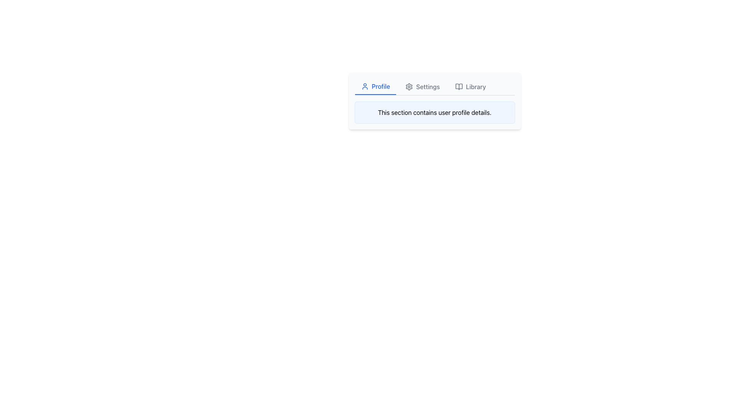 The height and width of the screenshot is (415, 737). What do you see at coordinates (459, 86) in the screenshot?
I see `the library icon located in the third tab labeled 'Library' in the horizontal tab navigation bar, positioned immediately to the left of the text 'Library.'` at bounding box center [459, 86].